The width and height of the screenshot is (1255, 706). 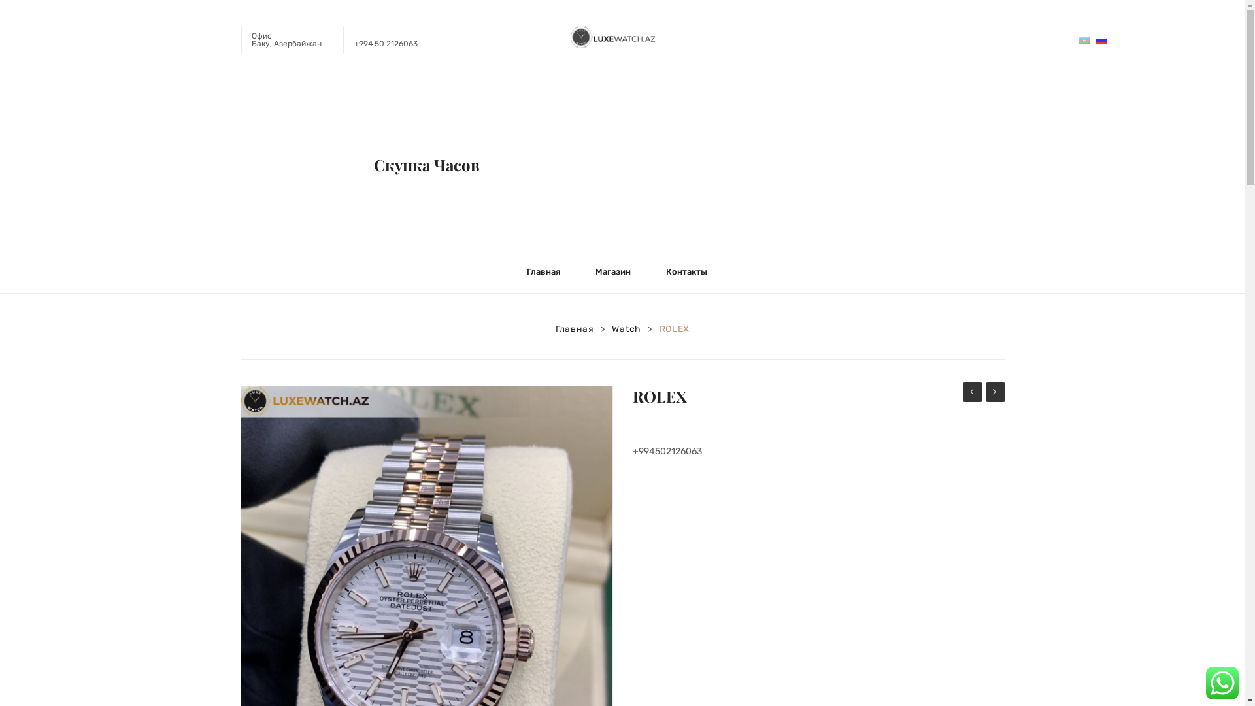 What do you see at coordinates (1079, 39) in the screenshot?
I see `'Azerbaijan (az)'` at bounding box center [1079, 39].